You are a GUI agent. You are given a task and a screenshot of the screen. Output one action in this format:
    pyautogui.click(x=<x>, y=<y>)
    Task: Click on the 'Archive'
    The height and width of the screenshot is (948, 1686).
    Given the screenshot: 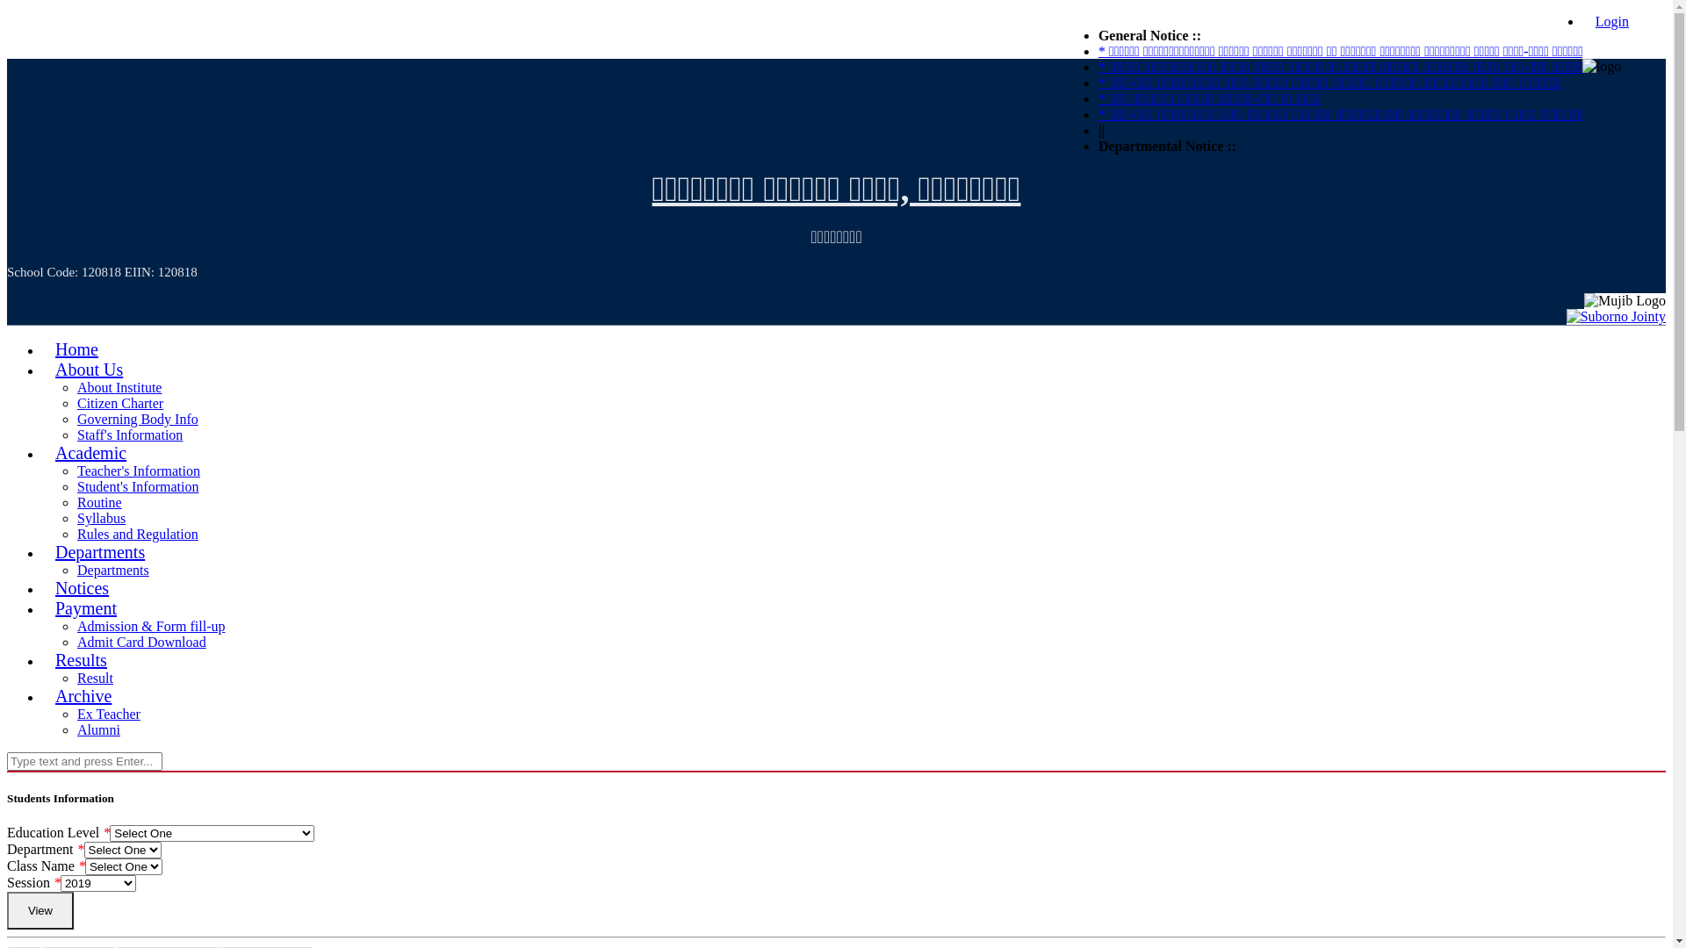 What is the action you would take?
    pyautogui.click(x=83, y=695)
    